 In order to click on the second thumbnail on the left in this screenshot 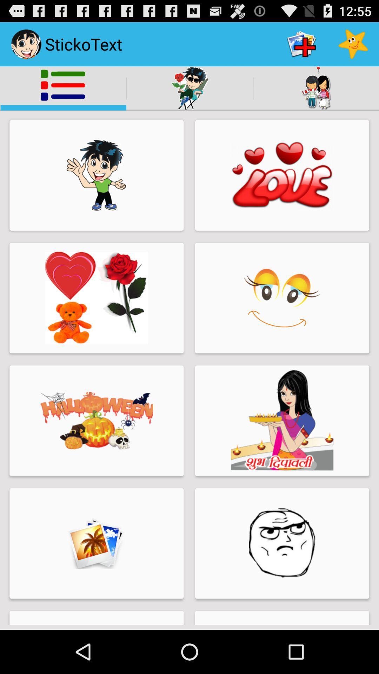, I will do `click(97, 298)`.